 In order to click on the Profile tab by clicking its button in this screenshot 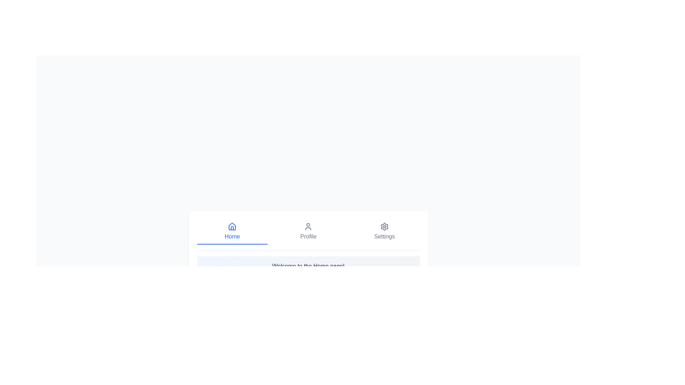, I will do `click(308, 232)`.